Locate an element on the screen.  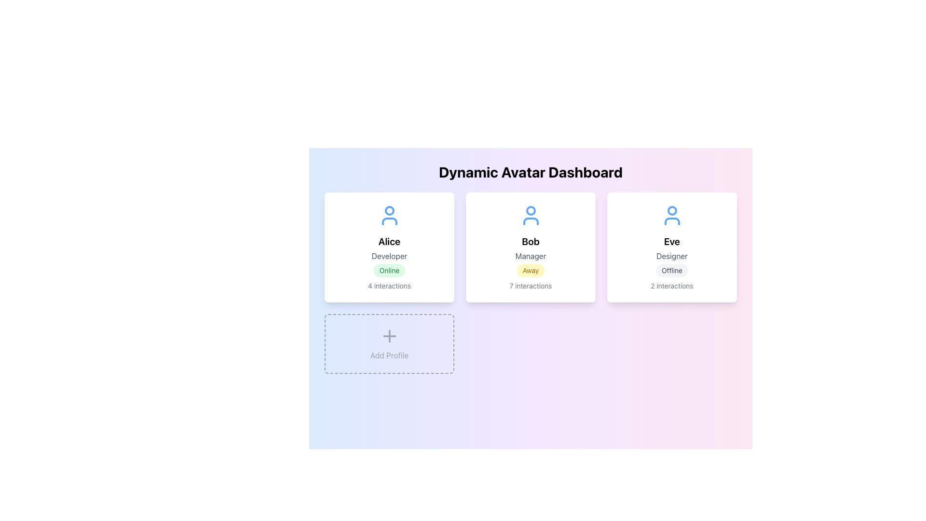
the static text label displaying '4 interactions' located at the bottom of Alice's profile card, directly below the 'Online' status badge is located at coordinates (389, 286).